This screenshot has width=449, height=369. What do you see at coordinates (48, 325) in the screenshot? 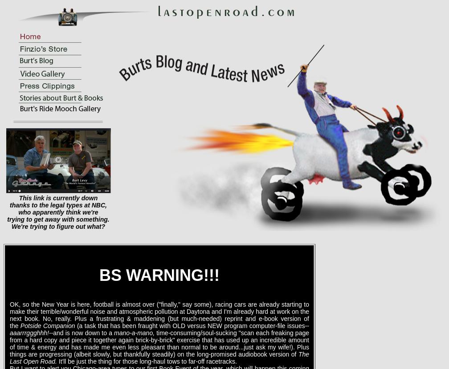
I see `'Potside Companion'` at bounding box center [48, 325].